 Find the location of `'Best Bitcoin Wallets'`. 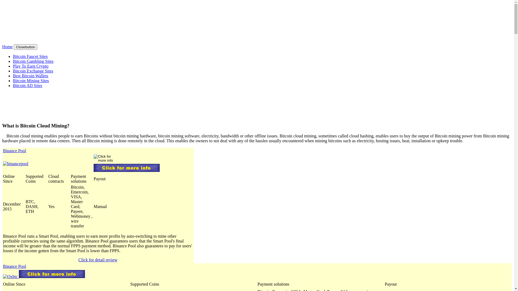

'Best Bitcoin Wallets' is located at coordinates (30, 76).